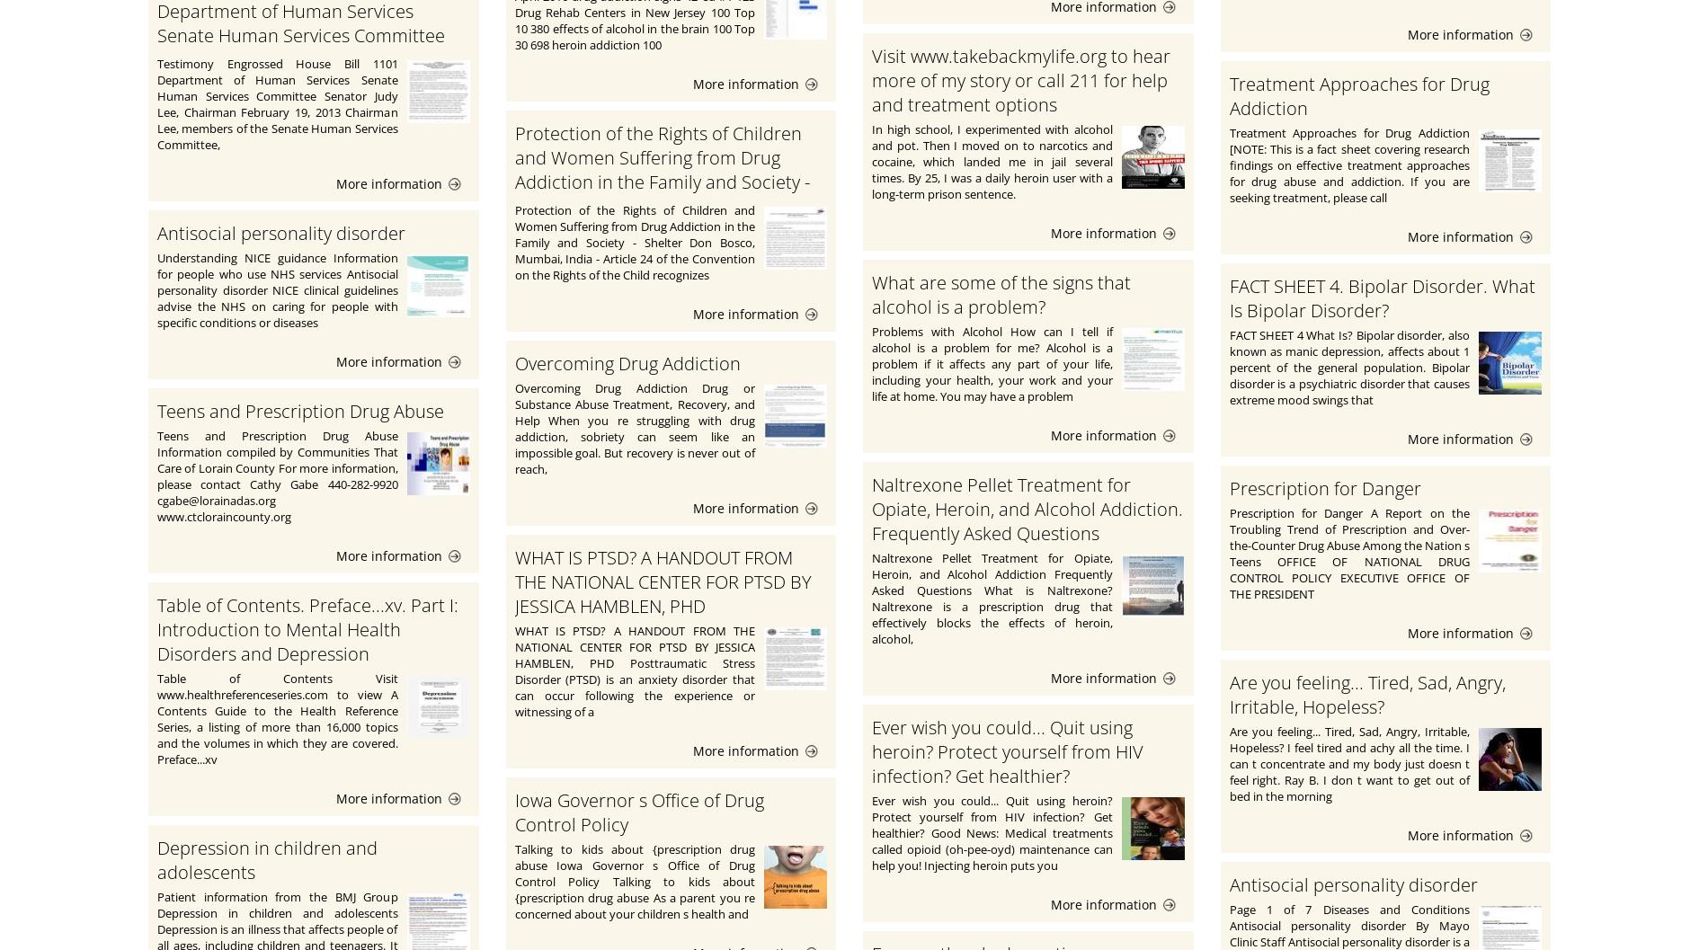  I want to click on 'FACT SHEET 4 What Is? Bipolar disorder, also known as manic depression, affects about 1 percent of the general population. Bipolar disorder is a psychiatric disorder that causes extreme mood swings that', so click(1349, 366).